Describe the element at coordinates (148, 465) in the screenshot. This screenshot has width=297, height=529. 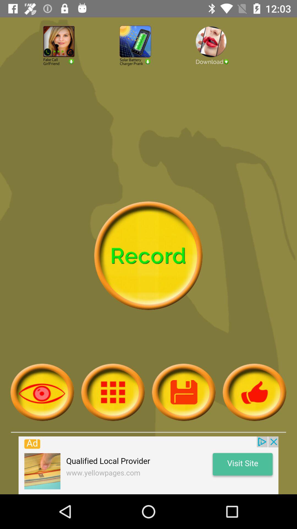
I see `qualified local provider add` at that location.